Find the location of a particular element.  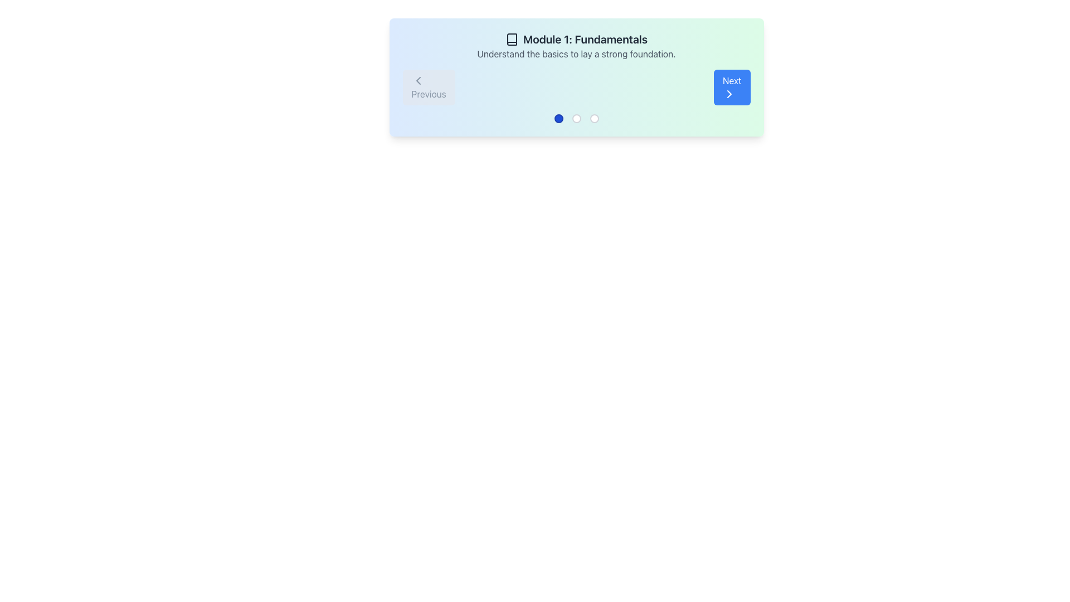

the 'Next' button represented by the chevron icon located at the far right of the control bar to proceed to the next module is located at coordinates (729, 94).